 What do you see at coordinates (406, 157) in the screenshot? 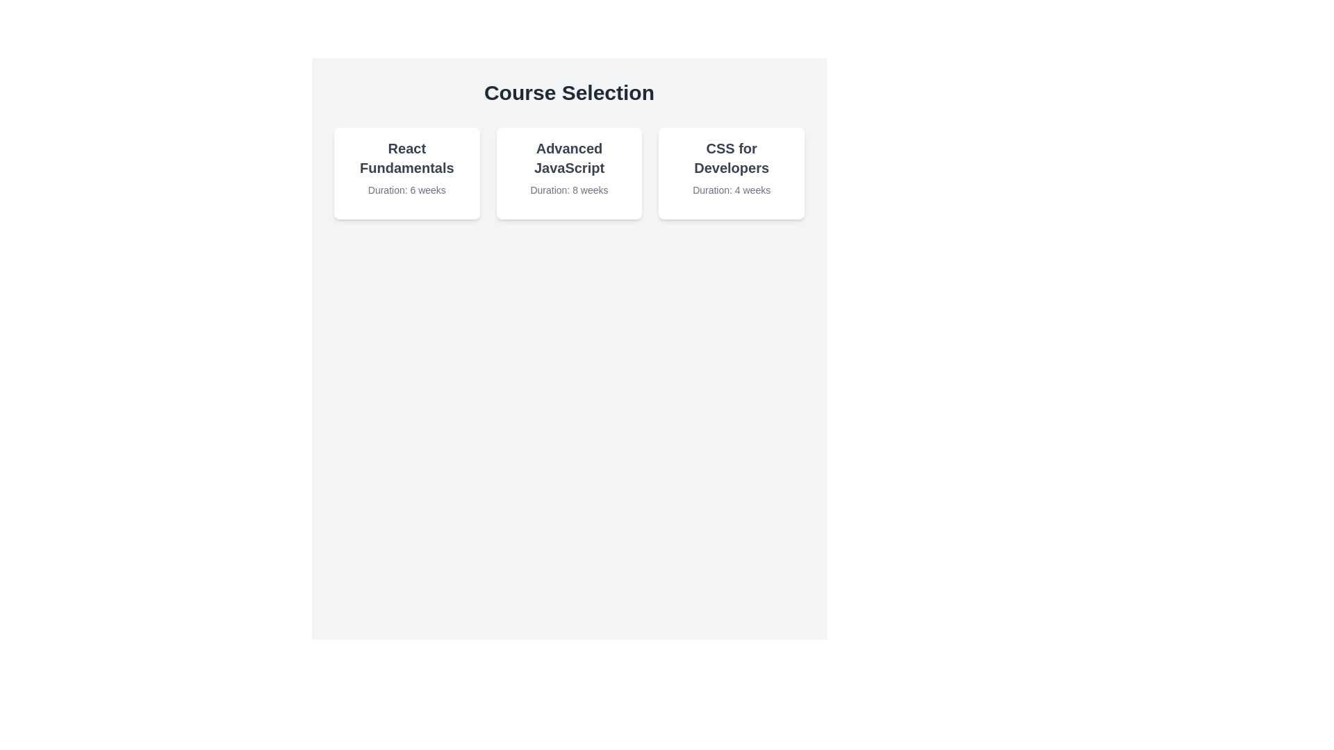
I see `the 'React Fundamentals' text label located in the top-left card of the layout, which represents the title of the course` at bounding box center [406, 157].